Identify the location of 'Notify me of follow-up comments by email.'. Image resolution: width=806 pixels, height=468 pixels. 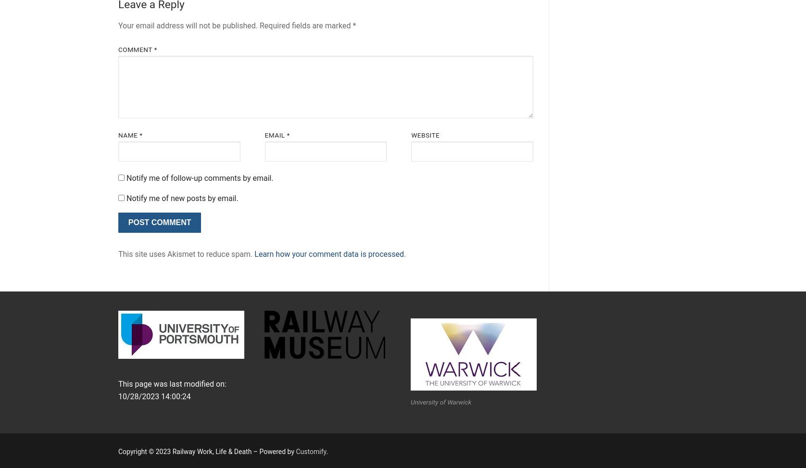
(199, 177).